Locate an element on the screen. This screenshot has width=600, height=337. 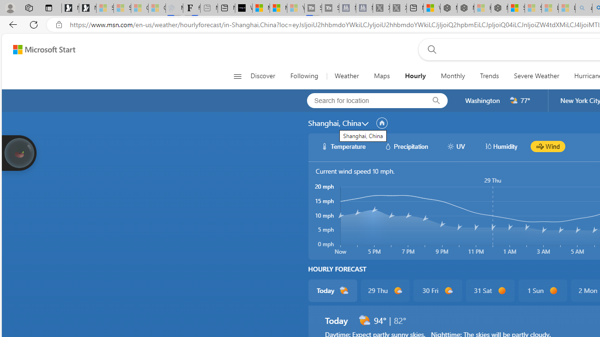
'Trends' is located at coordinates (489, 76).